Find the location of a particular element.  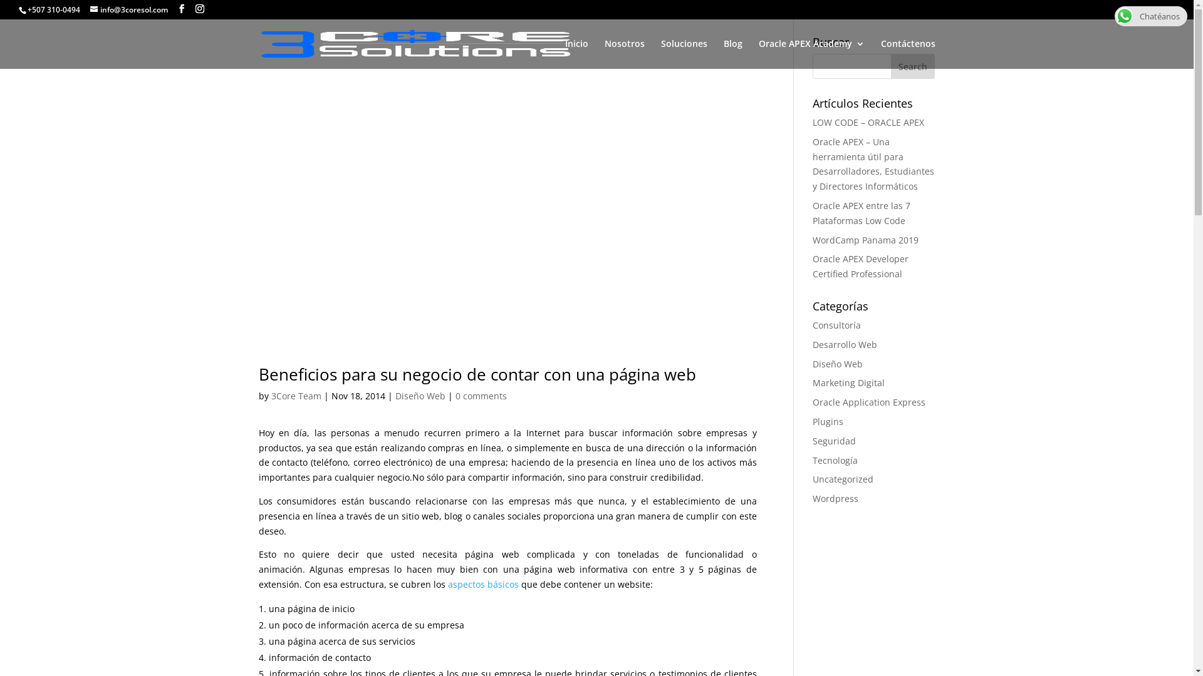

'Nosotros' is located at coordinates (624, 53).